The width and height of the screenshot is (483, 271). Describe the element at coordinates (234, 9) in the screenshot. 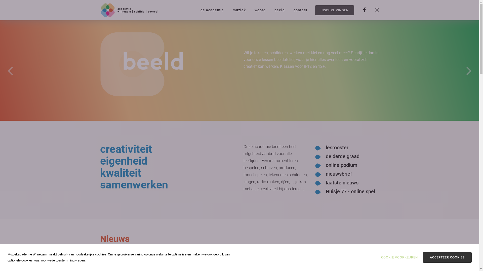

I see `'muziek'` at that location.